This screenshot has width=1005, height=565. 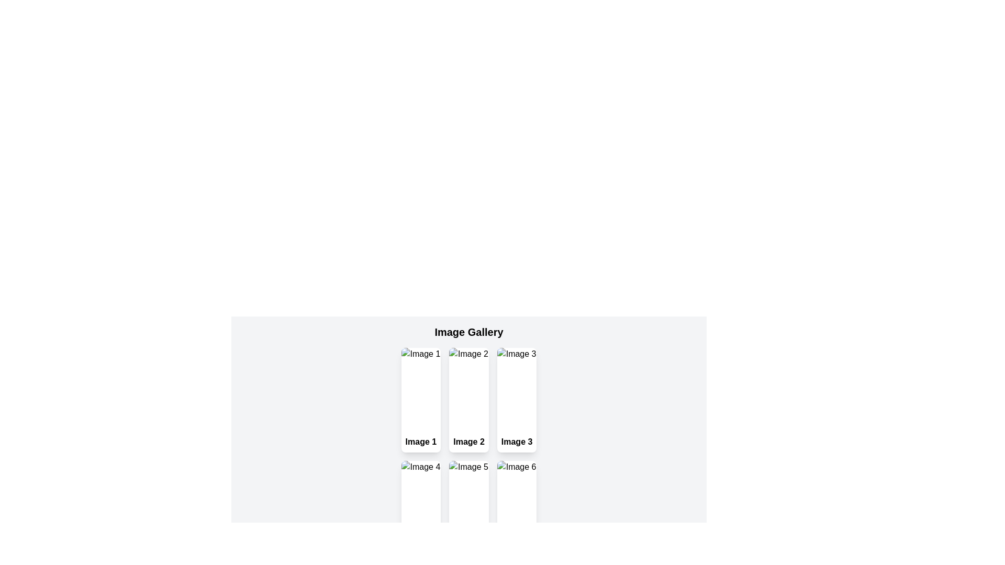 I want to click on the text label located beneath the image in the top-right corner of the grid layout, which is part of the third item in the top row of the grid, so click(x=517, y=442).